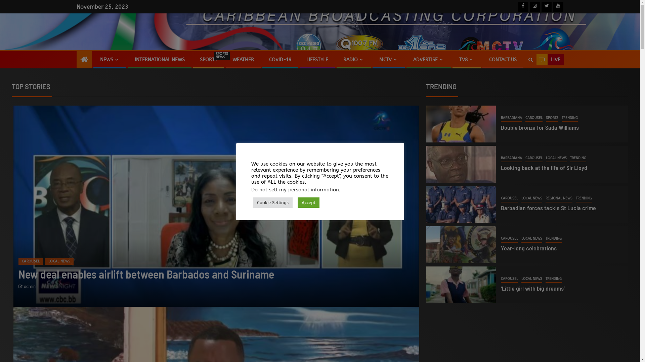 The width and height of the screenshot is (645, 362). I want to click on 'TRENDING', so click(553, 279).